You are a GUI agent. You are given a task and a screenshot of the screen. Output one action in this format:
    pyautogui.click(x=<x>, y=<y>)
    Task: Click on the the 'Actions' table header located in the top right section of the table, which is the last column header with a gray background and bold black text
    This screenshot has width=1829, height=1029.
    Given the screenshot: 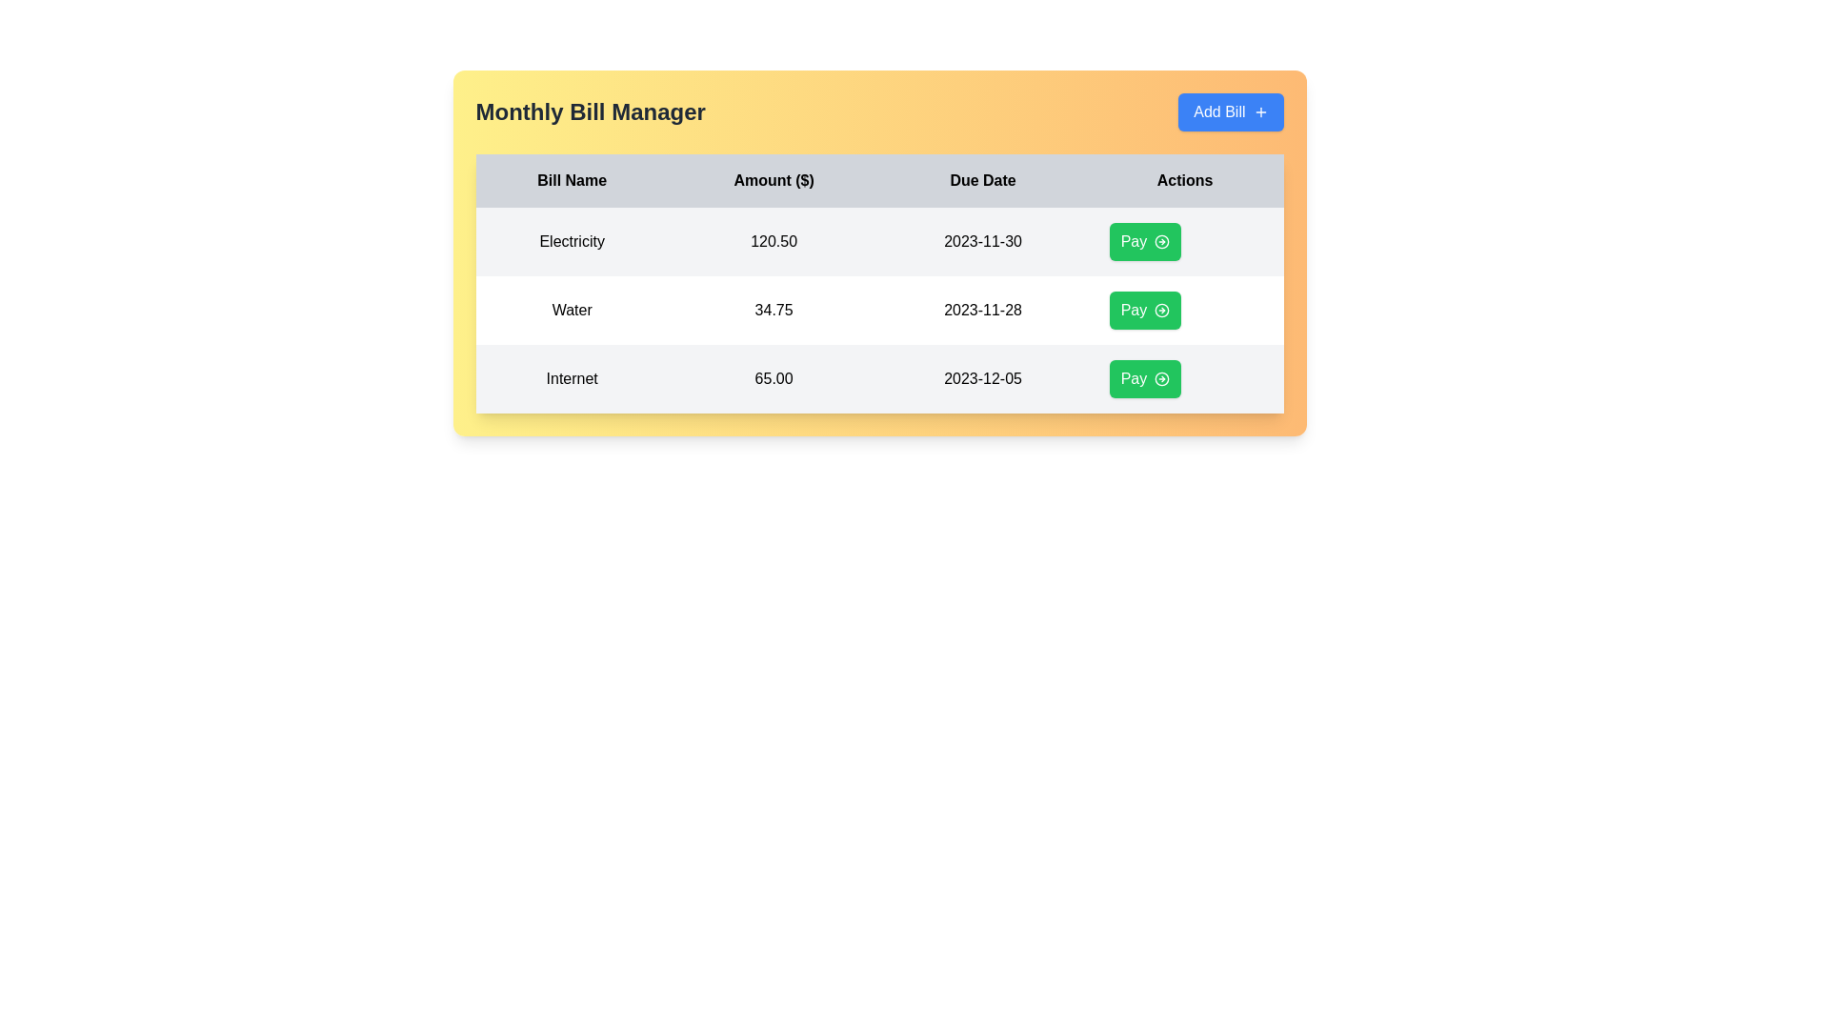 What is the action you would take?
    pyautogui.click(x=1184, y=180)
    